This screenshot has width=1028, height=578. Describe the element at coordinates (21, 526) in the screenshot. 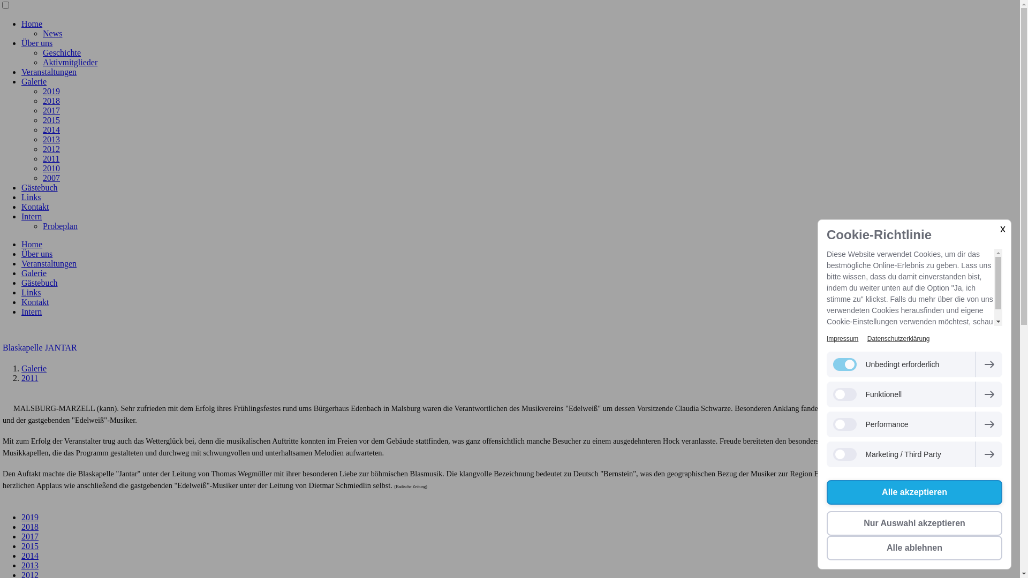

I see `'2018'` at that location.